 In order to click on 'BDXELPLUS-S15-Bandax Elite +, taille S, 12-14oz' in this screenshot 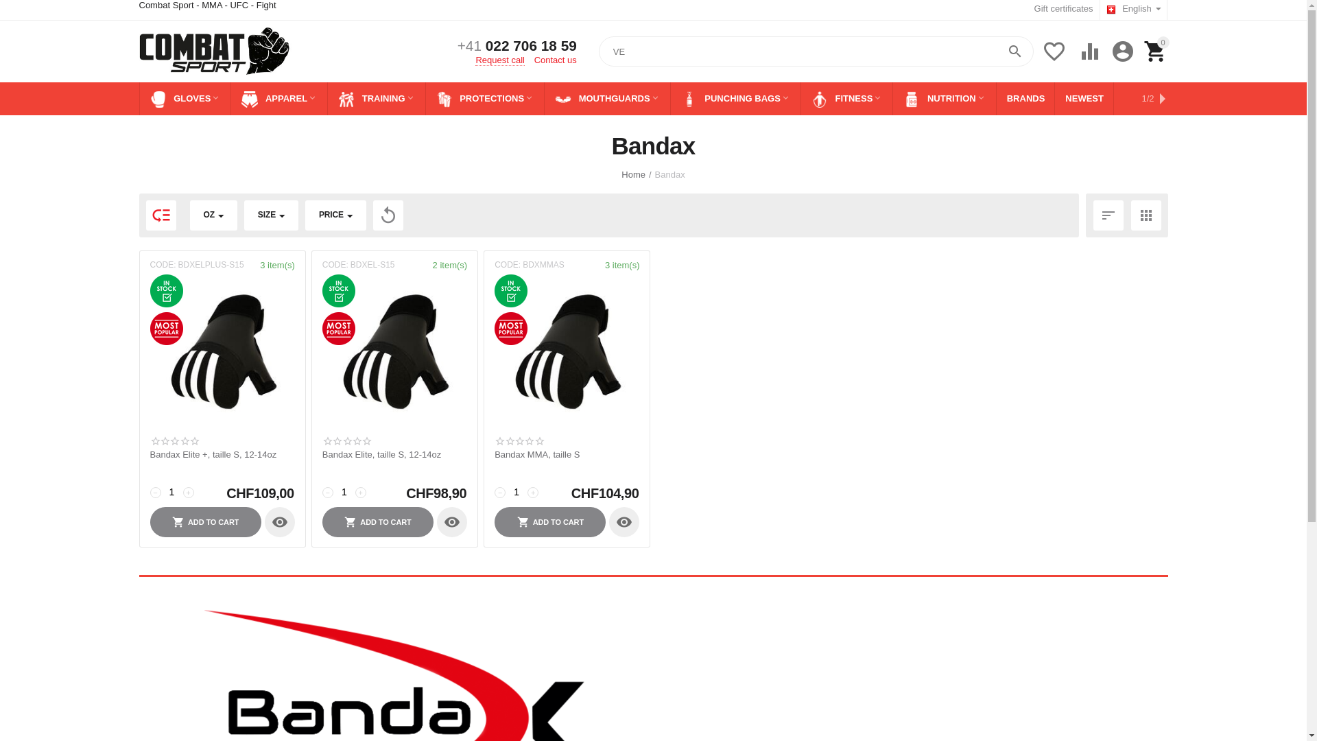, I will do `click(222, 352)`.